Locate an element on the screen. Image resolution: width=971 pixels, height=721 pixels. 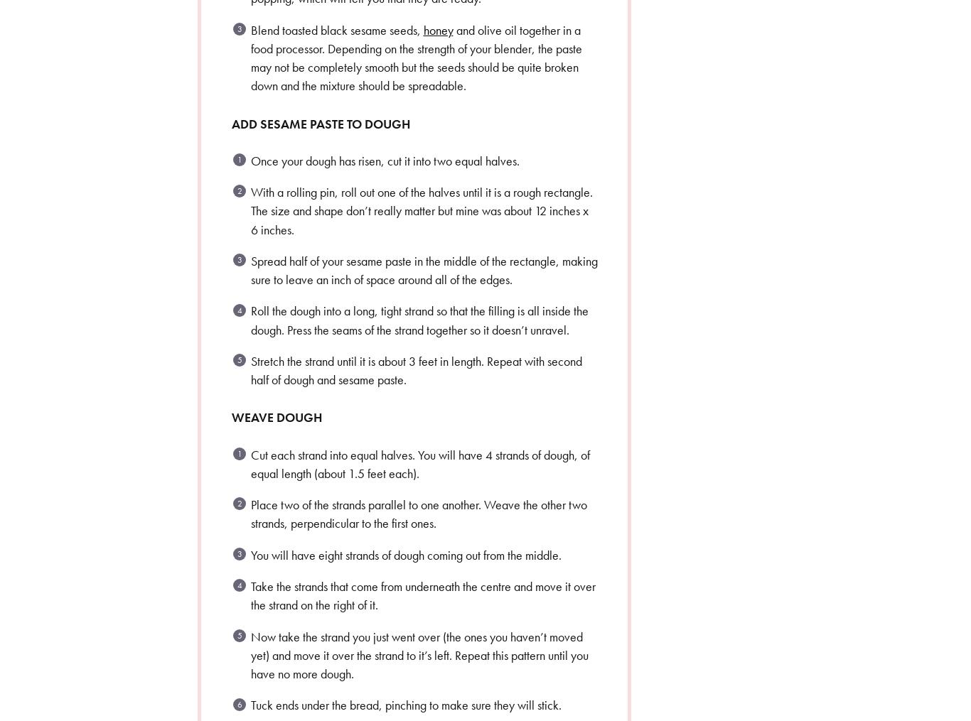
'and olive oil together in a food processor. Depending on the strength of your blender, the paste may not be completely smooth but the seeds should be quite broken down and the mixture should be spreadable.' is located at coordinates (250, 57).